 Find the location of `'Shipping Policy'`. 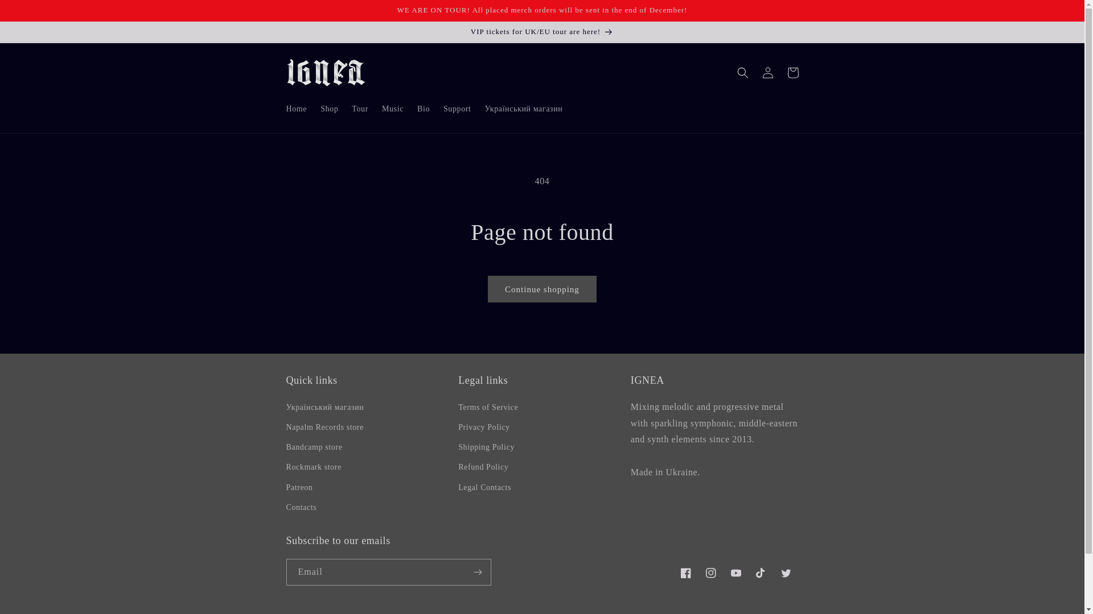

'Shipping Policy' is located at coordinates (486, 446).